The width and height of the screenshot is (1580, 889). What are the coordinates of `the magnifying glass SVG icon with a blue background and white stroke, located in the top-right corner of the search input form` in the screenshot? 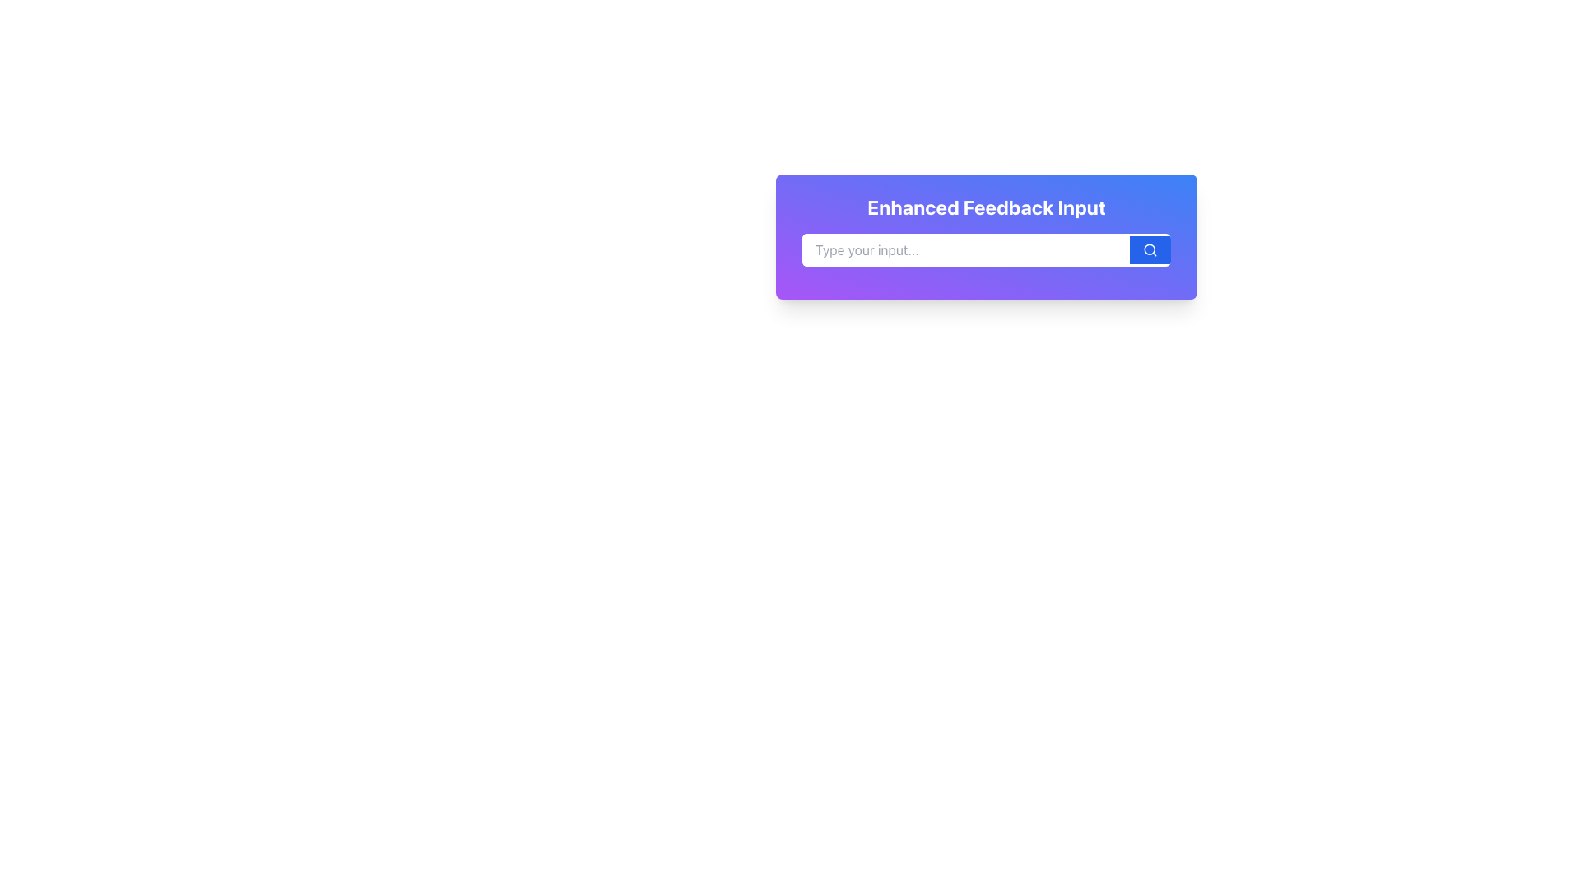 It's located at (1149, 250).